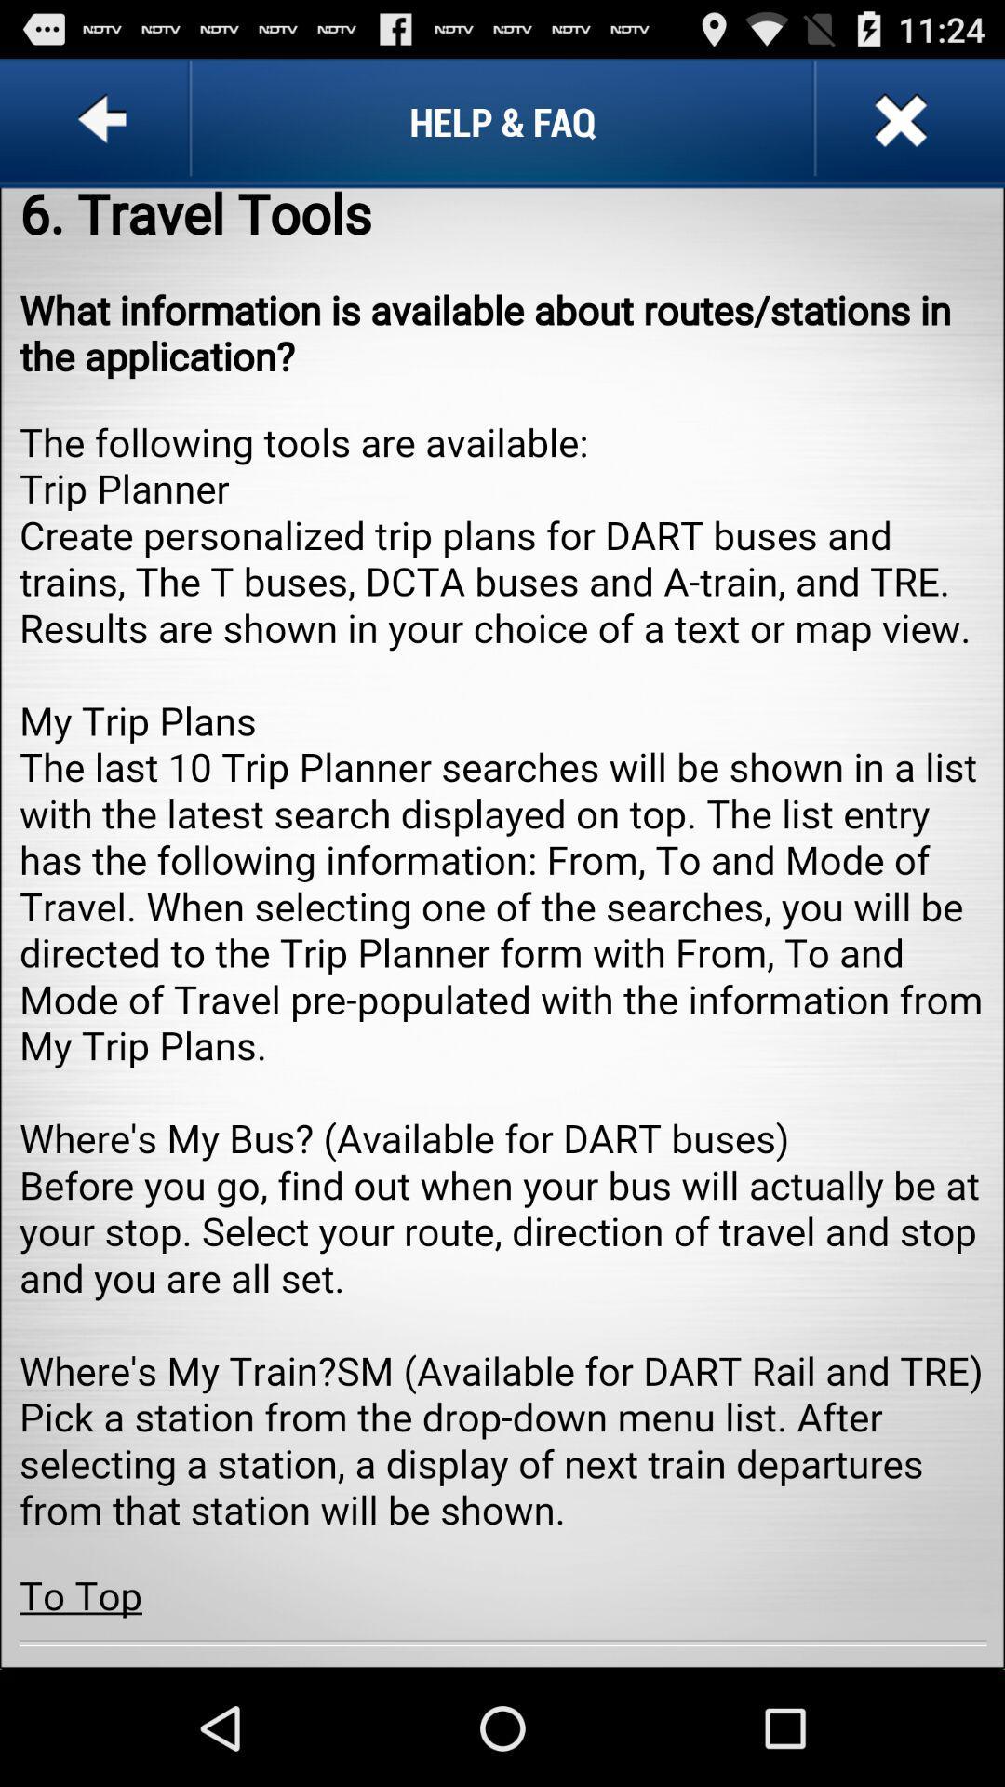  What do you see at coordinates (106, 120) in the screenshot?
I see `go back` at bounding box center [106, 120].